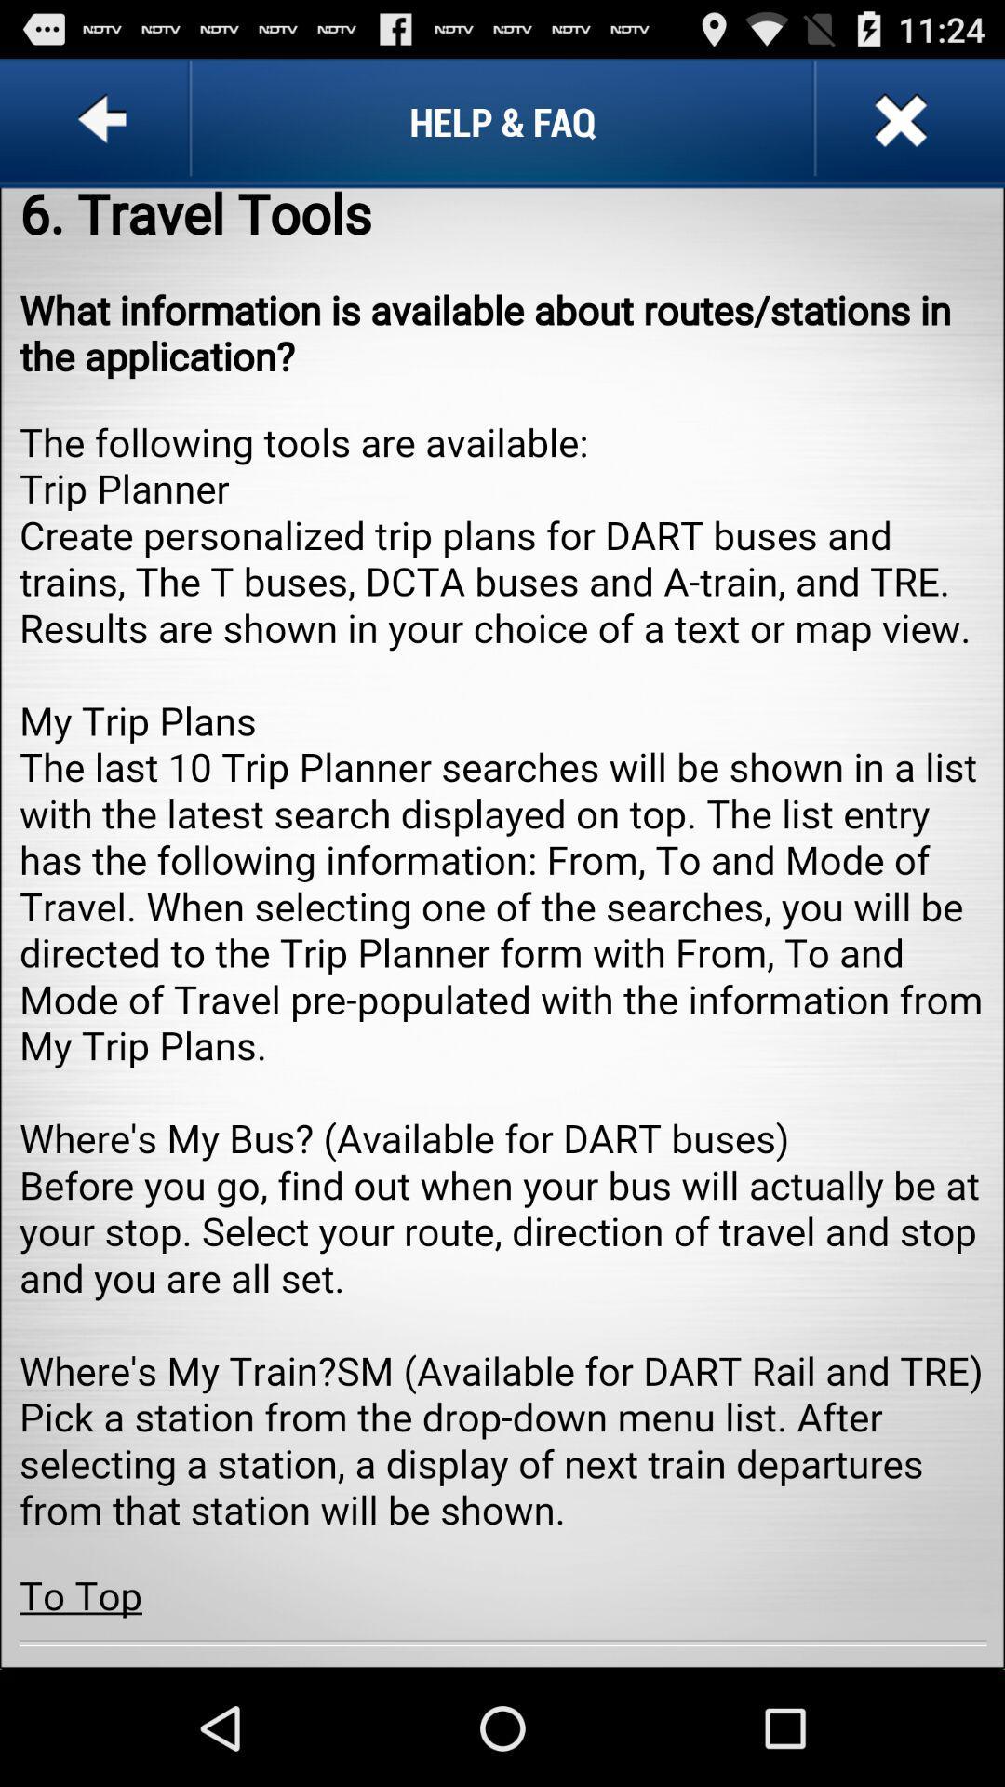  What do you see at coordinates (106, 120) in the screenshot?
I see `go back` at bounding box center [106, 120].